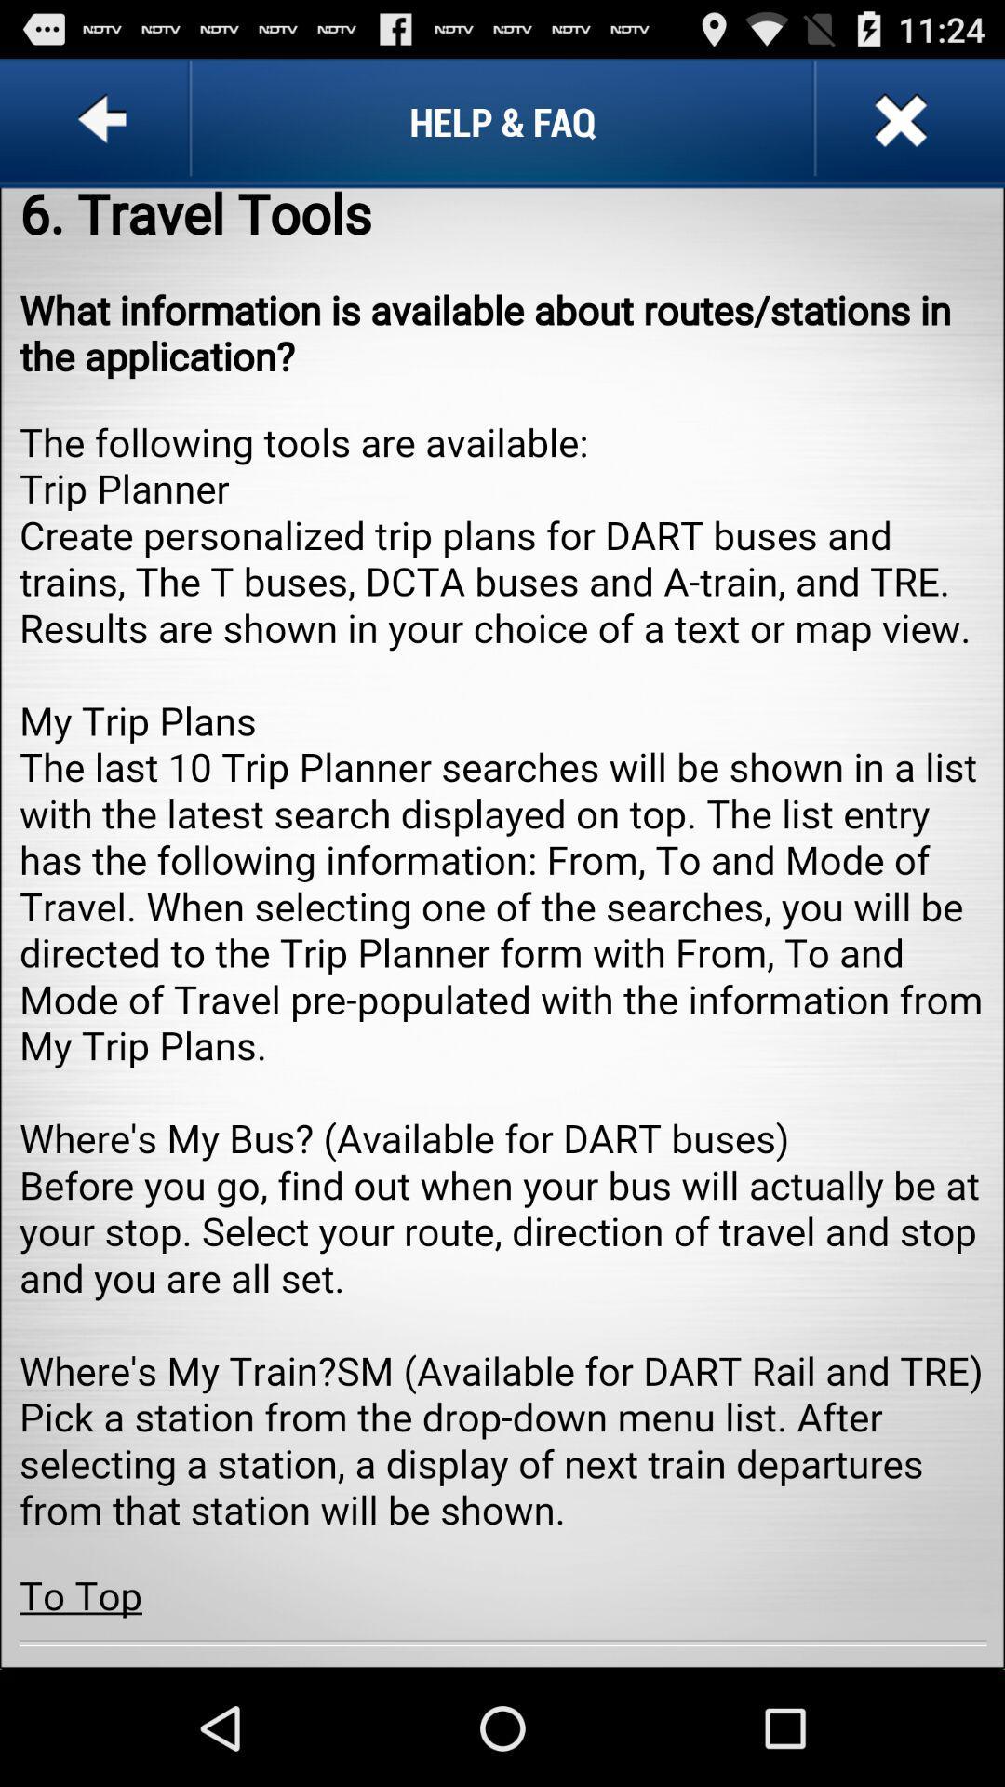  What do you see at coordinates (106, 120) in the screenshot?
I see `go back` at bounding box center [106, 120].